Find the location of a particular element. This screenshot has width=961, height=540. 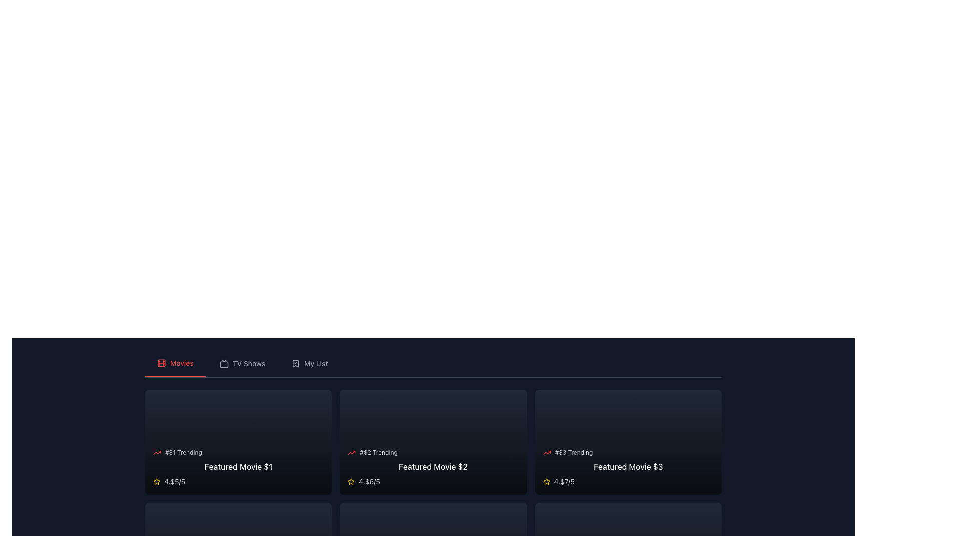

the movie card in the trending movies section is located at coordinates (238, 467).